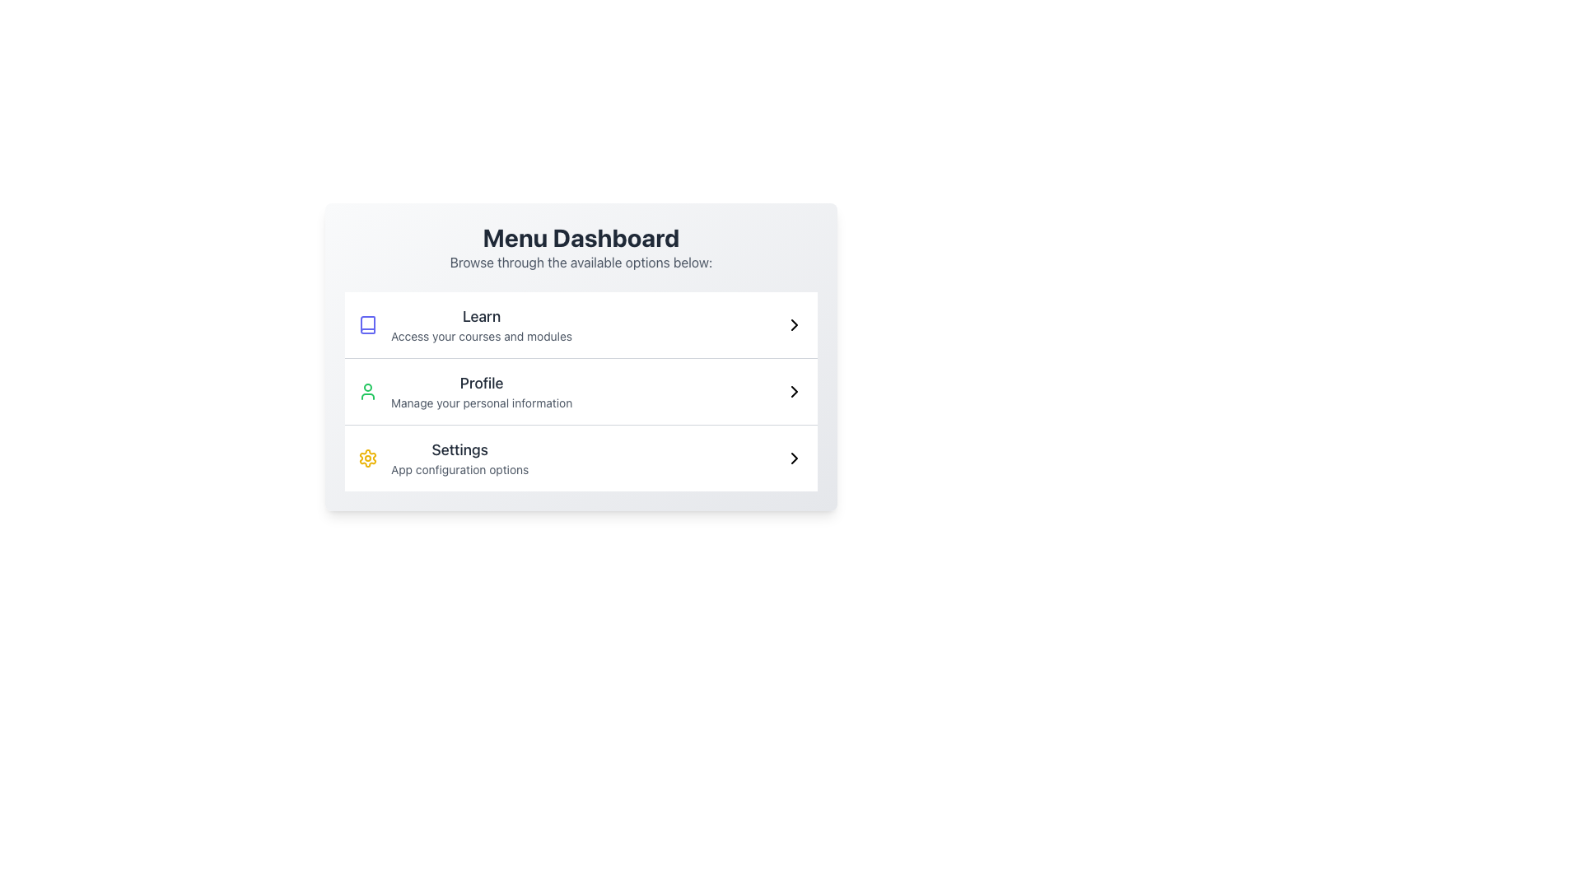  What do you see at coordinates (794, 324) in the screenshot?
I see `the right-pointing arrow icon in the 'Learn' row of the menu list, which indicates navigation or selection functionality` at bounding box center [794, 324].